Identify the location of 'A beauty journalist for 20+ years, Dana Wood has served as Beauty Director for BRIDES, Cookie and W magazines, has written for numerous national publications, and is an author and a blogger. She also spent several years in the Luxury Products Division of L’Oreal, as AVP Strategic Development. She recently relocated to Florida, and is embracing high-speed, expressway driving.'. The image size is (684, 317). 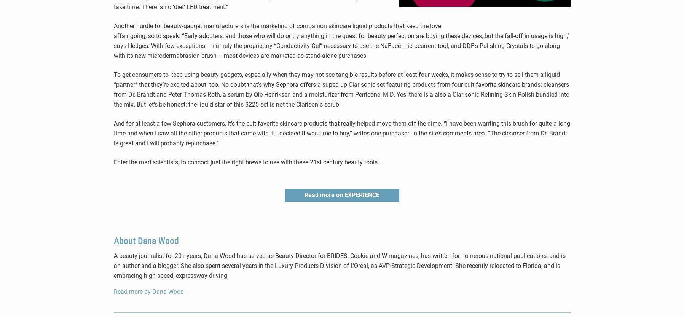
(339, 265).